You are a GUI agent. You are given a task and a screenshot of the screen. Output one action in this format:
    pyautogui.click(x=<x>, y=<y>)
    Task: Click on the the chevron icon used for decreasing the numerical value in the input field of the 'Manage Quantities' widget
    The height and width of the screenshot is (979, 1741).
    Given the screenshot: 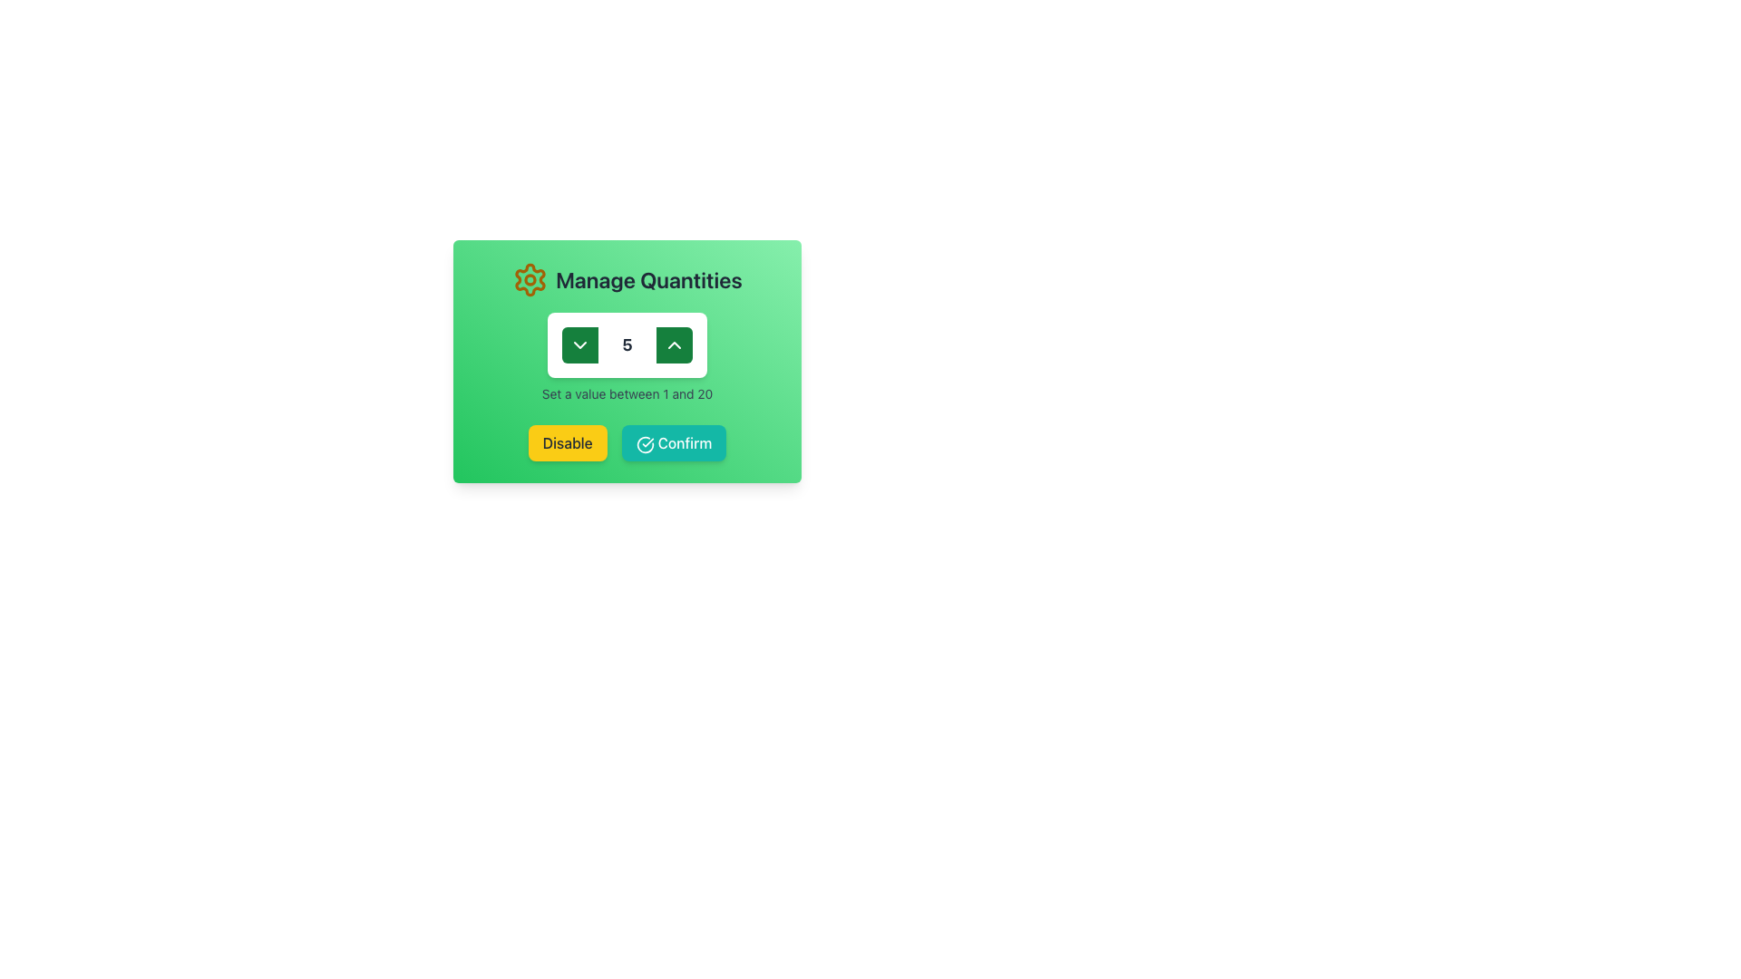 What is the action you would take?
    pyautogui.click(x=579, y=345)
    